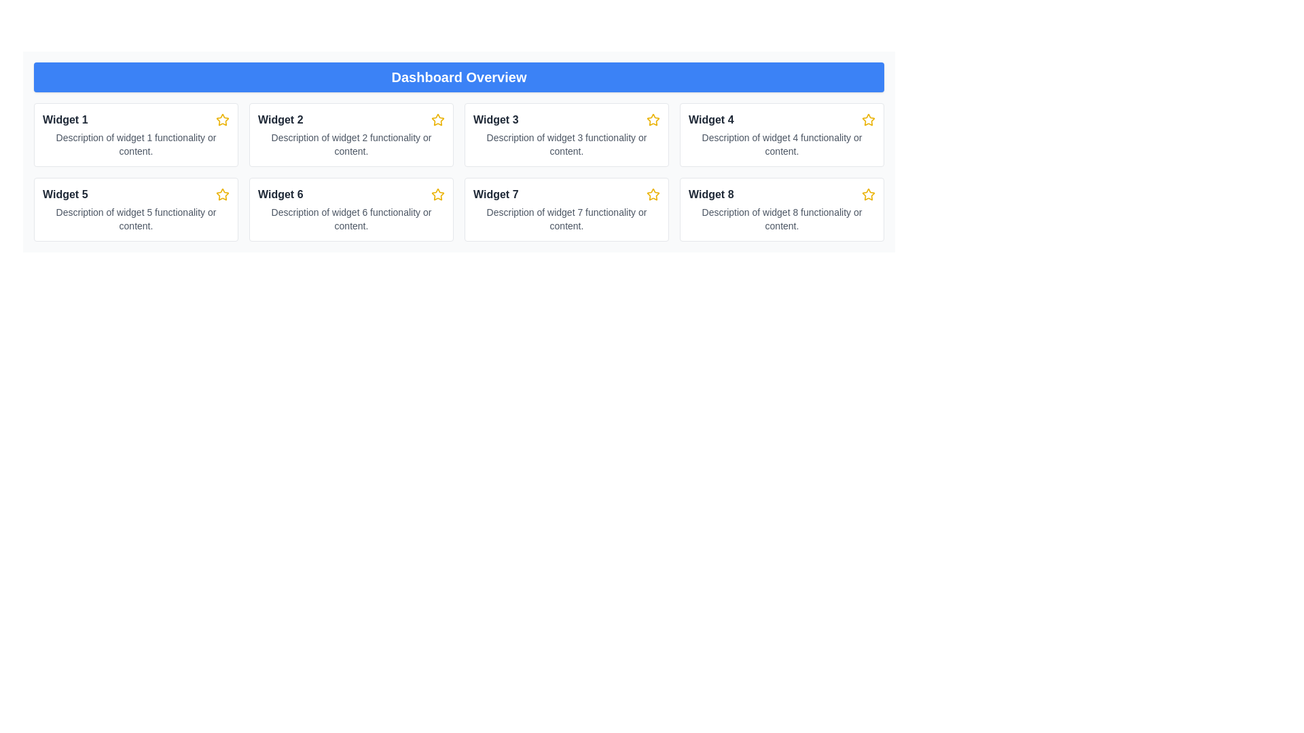  What do you see at coordinates (437, 194) in the screenshot?
I see `the star rating indicator icon located to the right of the text 'Widget 6'` at bounding box center [437, 194].